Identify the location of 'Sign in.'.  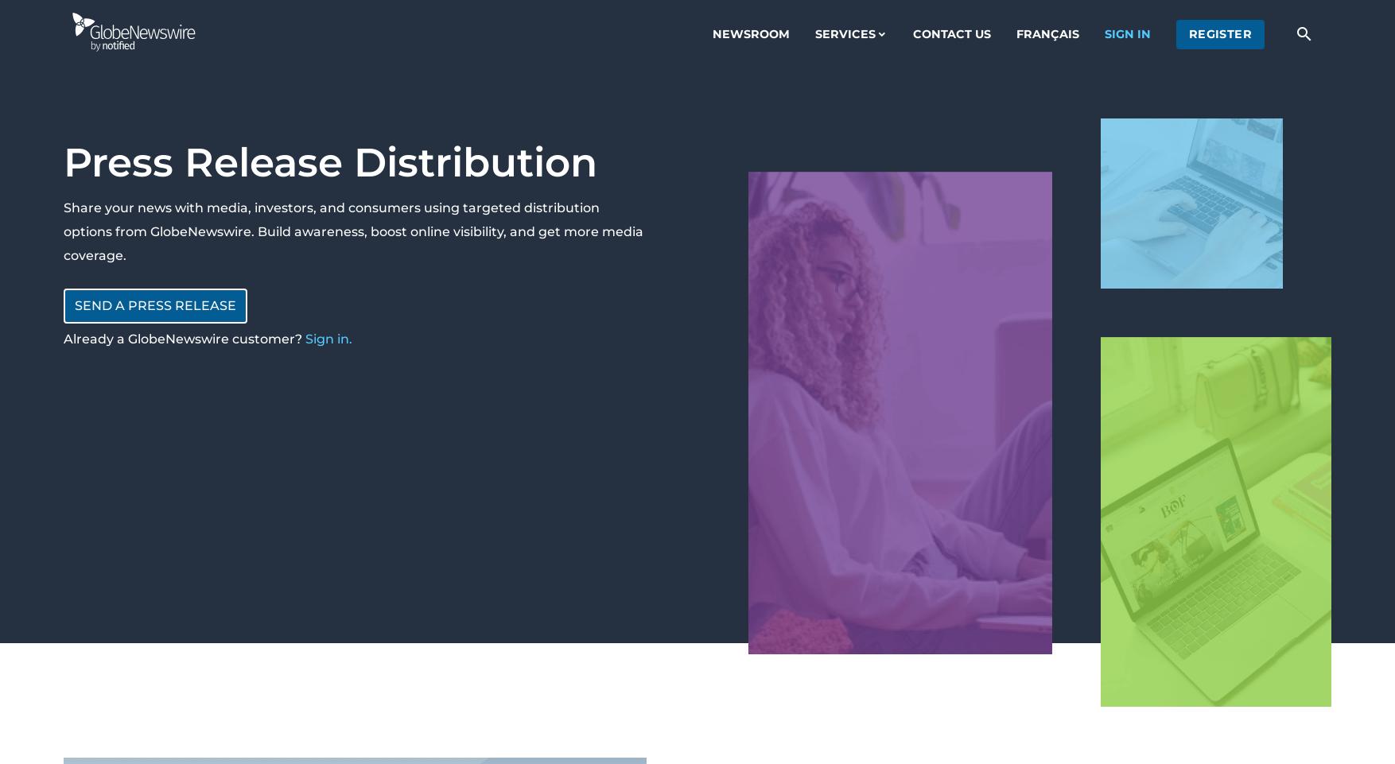
(328, 339).